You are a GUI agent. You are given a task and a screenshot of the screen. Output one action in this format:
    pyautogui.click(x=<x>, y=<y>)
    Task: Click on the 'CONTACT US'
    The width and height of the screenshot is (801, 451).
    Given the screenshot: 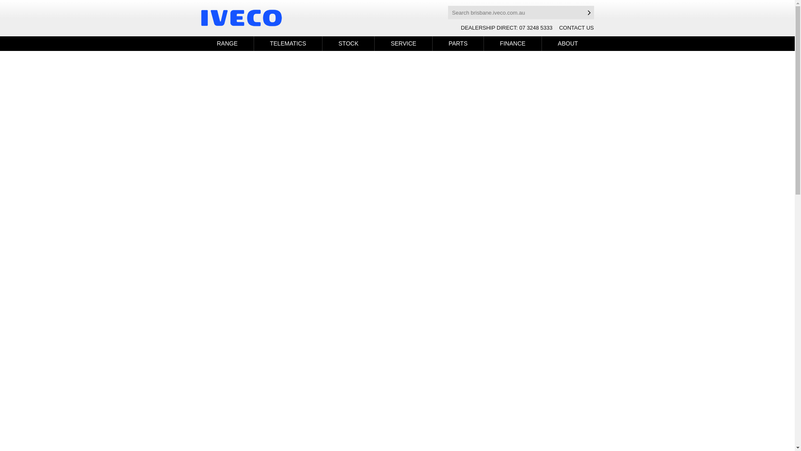 What is the action you would take?
    pyautogui.click(x=559, y=27)
    